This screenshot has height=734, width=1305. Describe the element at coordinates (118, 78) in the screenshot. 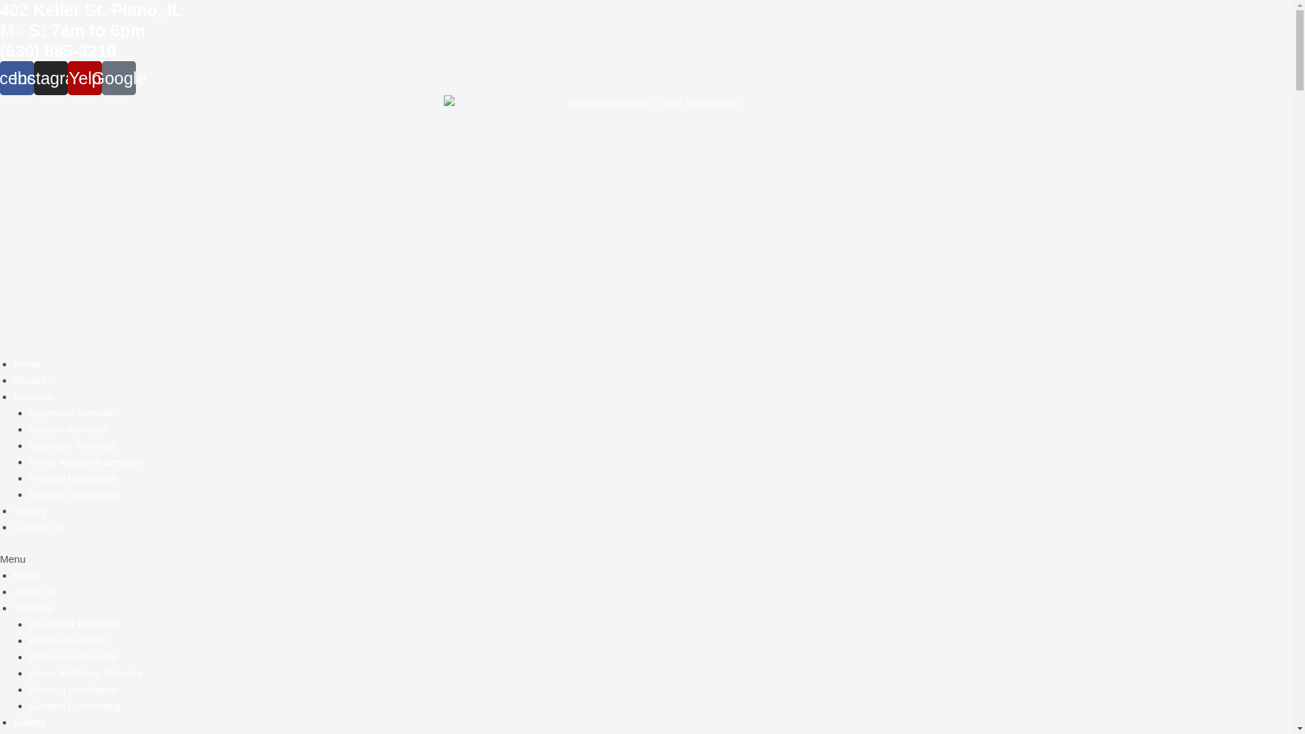

I see `'Google'` at that location.